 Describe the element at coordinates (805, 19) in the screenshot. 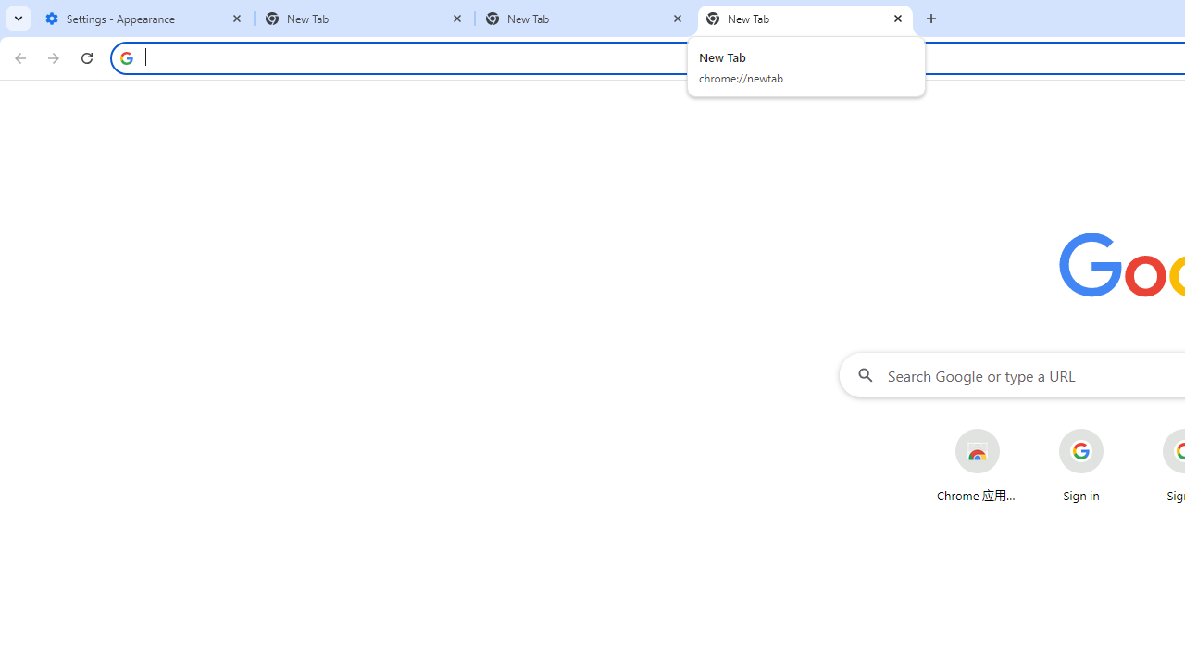

I see `'New Tab'` at that location.